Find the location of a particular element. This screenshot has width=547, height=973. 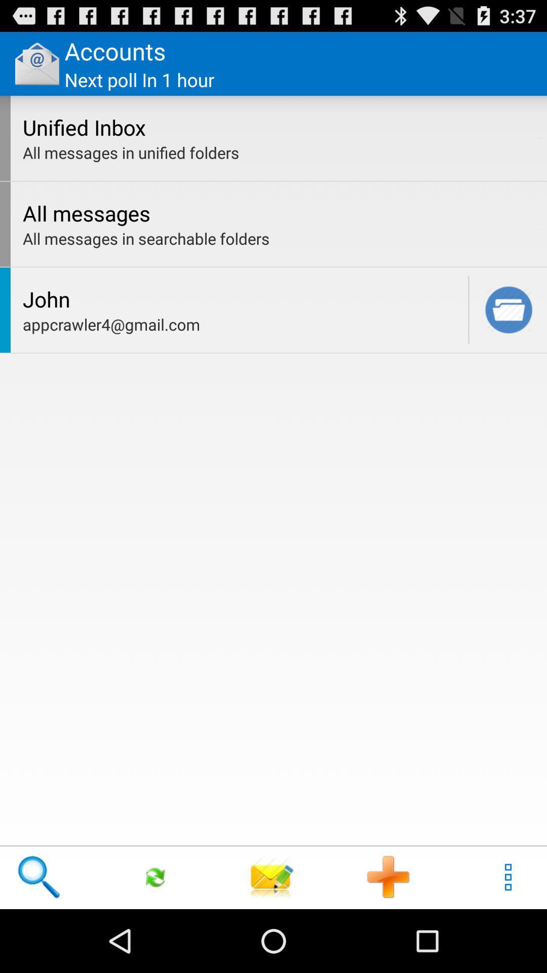

john is located at coordinates (243, 298).